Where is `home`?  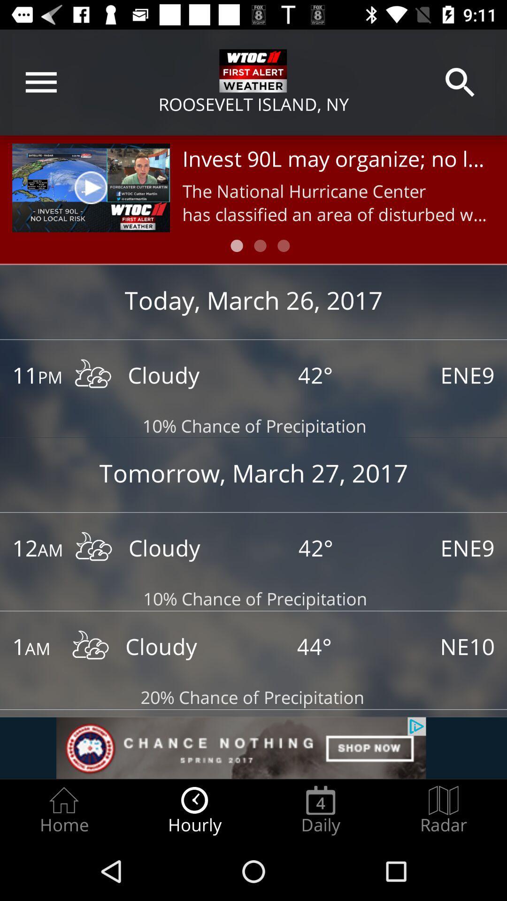
home is located at coordinates (63, 810).